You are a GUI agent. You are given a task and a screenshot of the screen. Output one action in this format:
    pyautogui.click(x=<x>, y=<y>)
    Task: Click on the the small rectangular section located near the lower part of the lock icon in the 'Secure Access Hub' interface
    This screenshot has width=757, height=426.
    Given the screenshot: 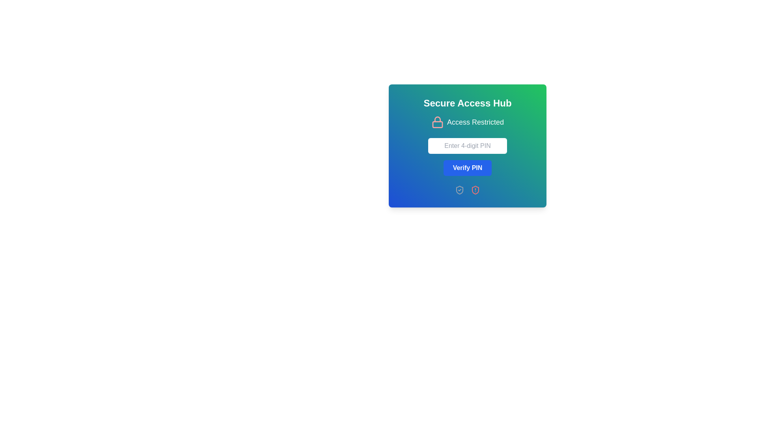 What is the action you would take?
    pyautogui.click(x=437, y=124)
    